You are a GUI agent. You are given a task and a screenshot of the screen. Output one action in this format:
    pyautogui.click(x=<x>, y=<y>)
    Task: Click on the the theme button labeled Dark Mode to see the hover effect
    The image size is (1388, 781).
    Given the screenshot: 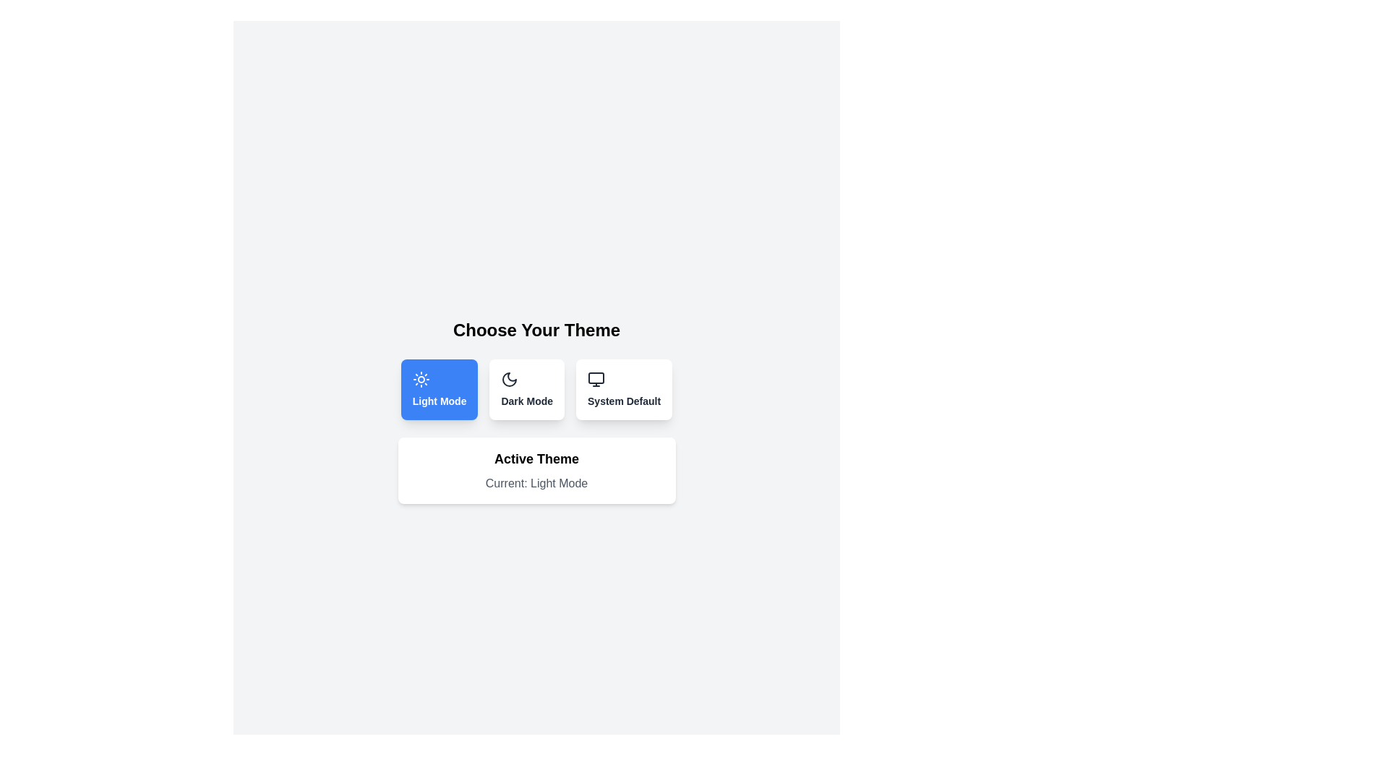 What is the action you would take?
    pyautogui.click(x=526, y=389)
    